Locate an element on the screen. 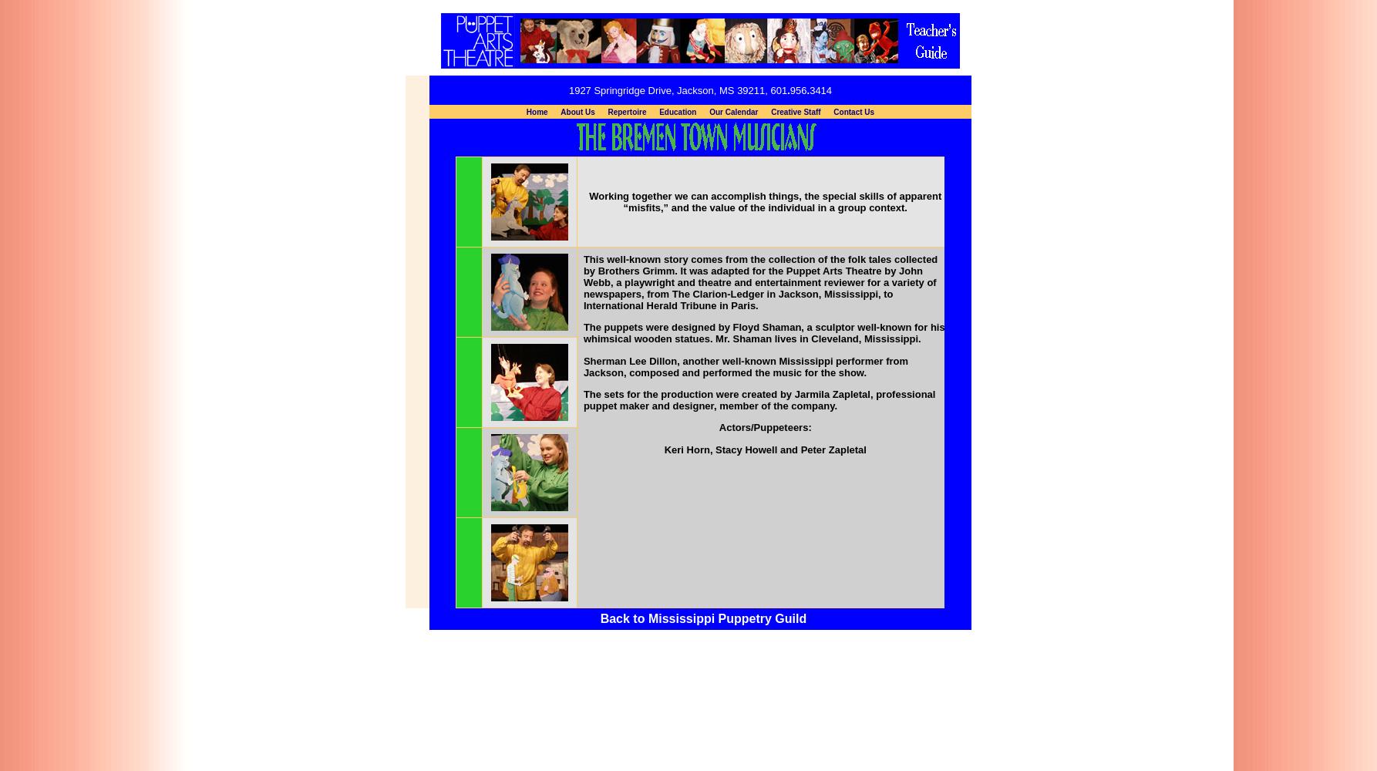  '3414' is located at coordinates (820, 89).